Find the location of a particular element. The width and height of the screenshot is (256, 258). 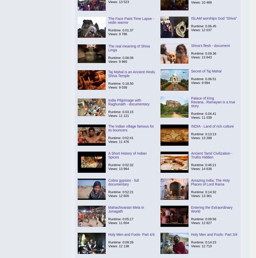

'Holy Men and Fools- Part 3/4' is located at coordinates (214, 234).